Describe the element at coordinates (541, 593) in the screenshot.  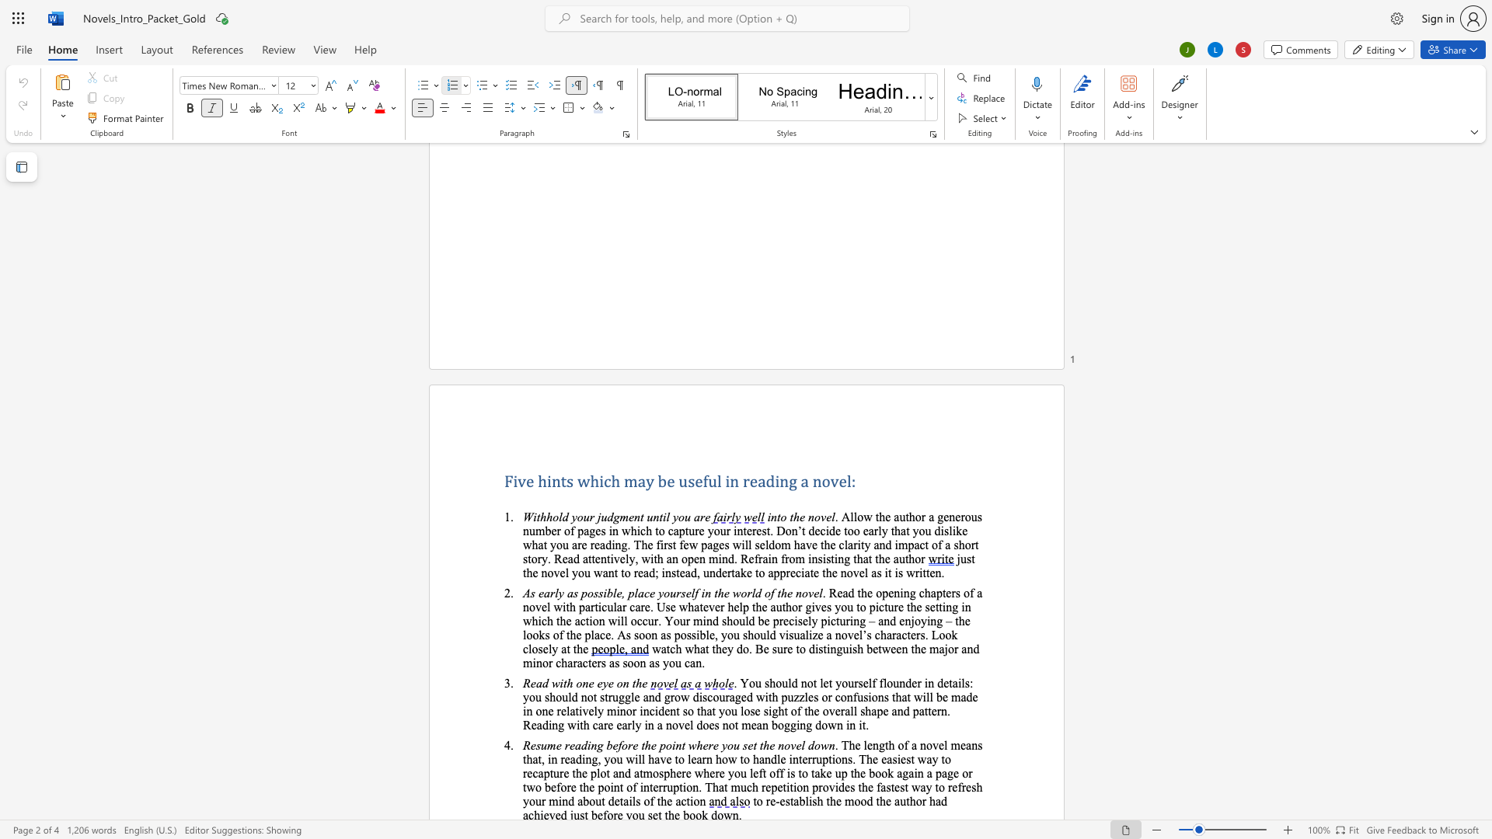
I see `the 1th character "e" in the text` at that location.